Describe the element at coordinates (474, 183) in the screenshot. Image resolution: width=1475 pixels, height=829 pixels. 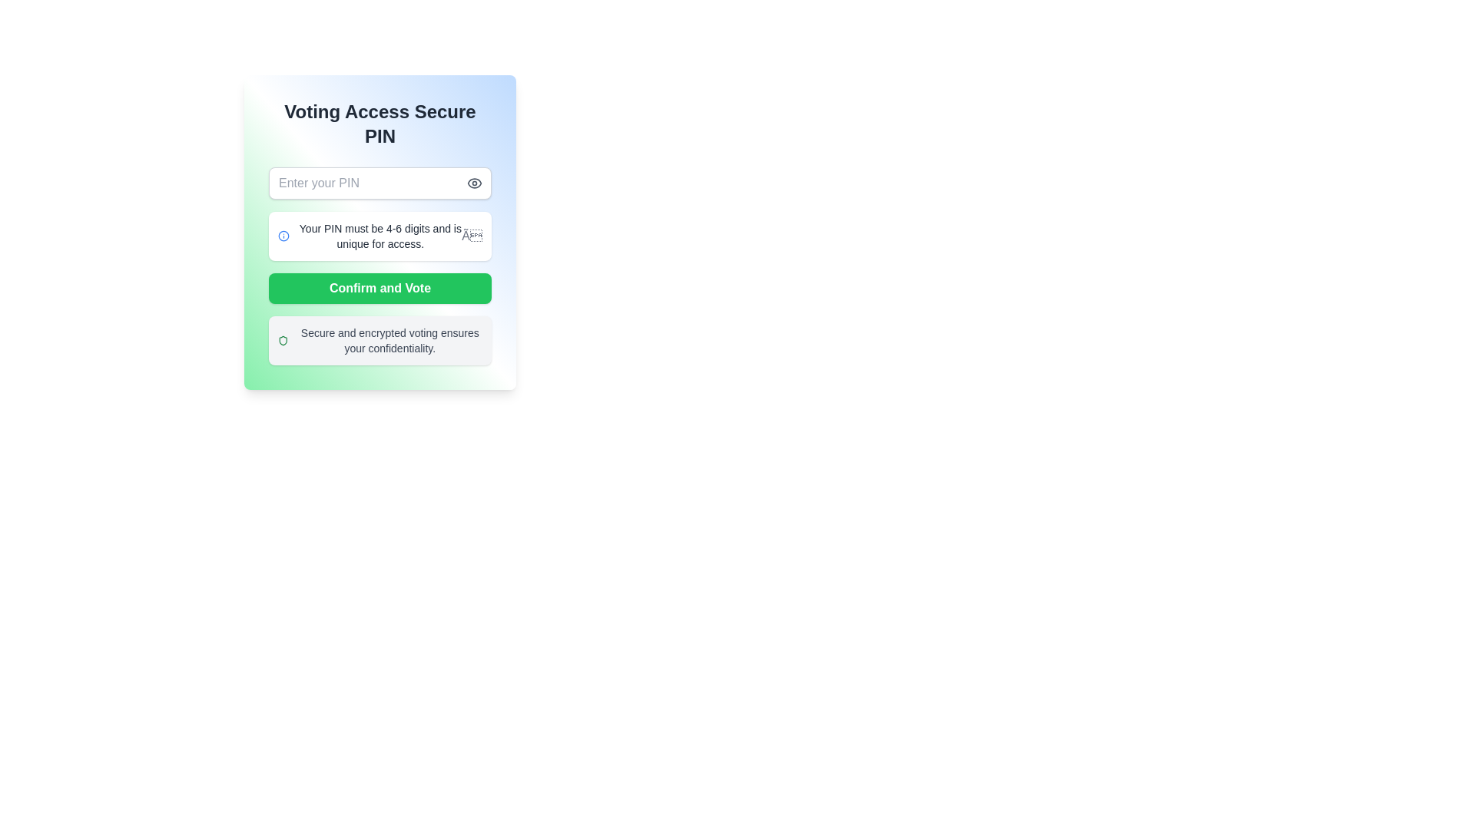
I see `the small circular button with an eye icon at the right end of the password input field` at that location.